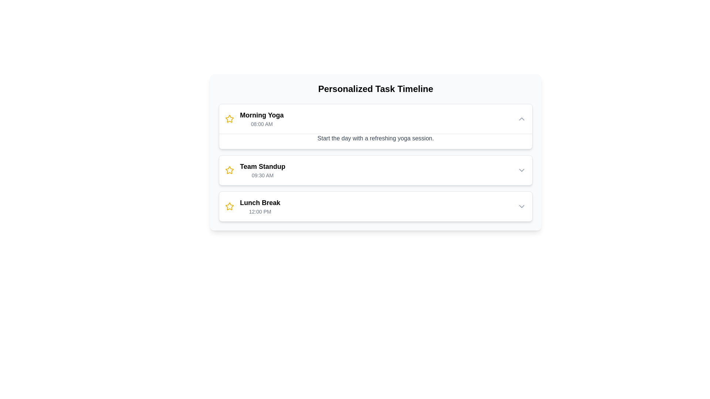 This screenshot has width=710, height=399. What do you see at coordinates (376, 162) in the screenshot?
I see `the second task in the timeline, which is 'Team Standup'` at bounding box center [376, 162].